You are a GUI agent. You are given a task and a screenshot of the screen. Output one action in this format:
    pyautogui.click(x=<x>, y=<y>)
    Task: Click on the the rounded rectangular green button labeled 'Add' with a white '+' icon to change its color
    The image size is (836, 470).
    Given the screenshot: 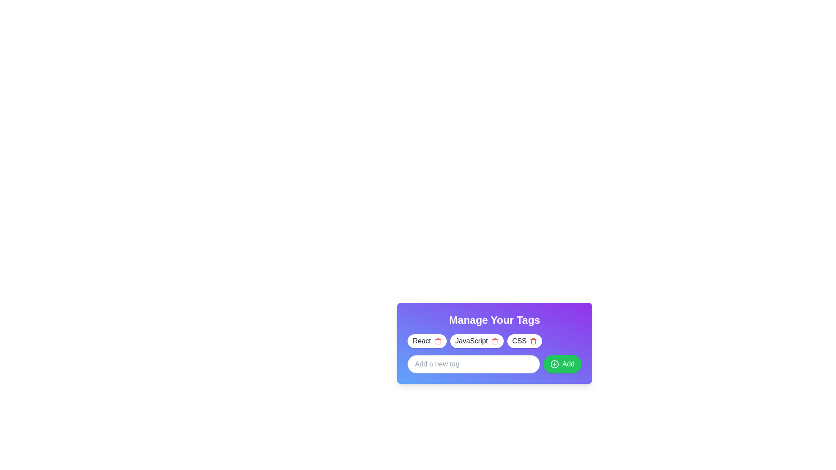 What is the action you would take?
    pyautogui.click(x=562, y=364)
    